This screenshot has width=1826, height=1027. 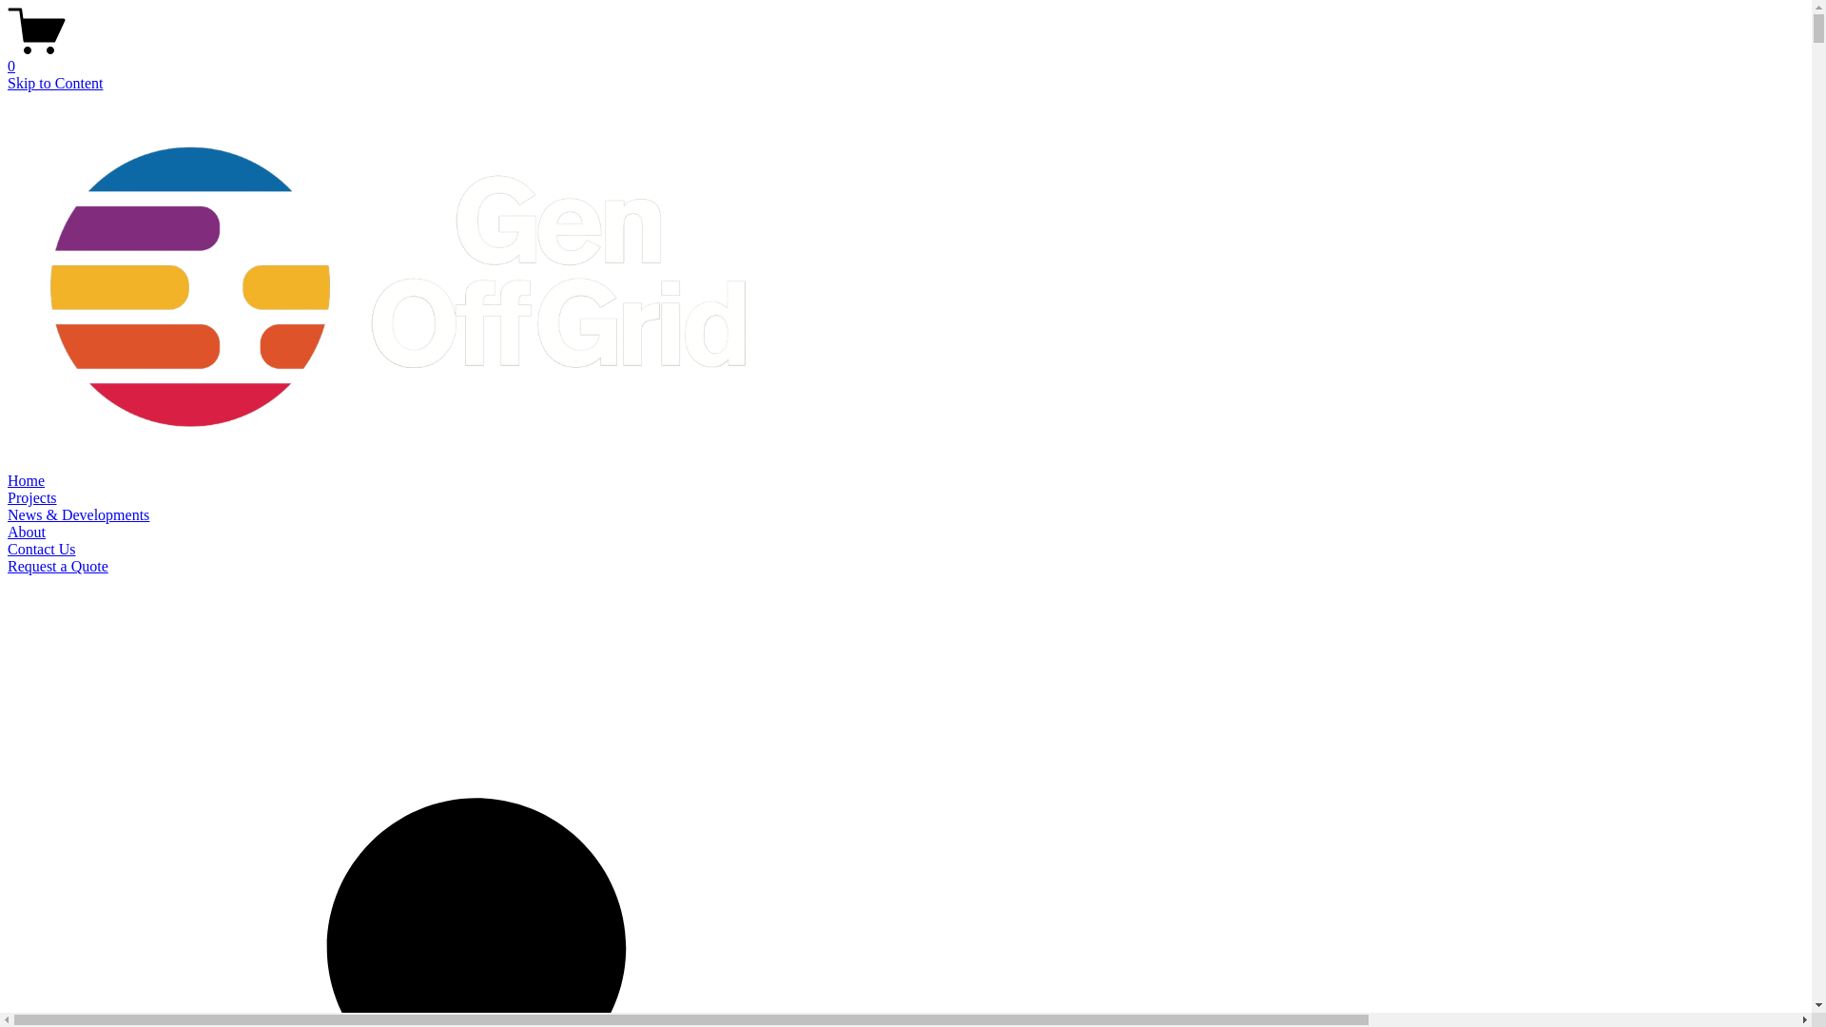 I want to click on 'Home', so click(x=8, y=479).